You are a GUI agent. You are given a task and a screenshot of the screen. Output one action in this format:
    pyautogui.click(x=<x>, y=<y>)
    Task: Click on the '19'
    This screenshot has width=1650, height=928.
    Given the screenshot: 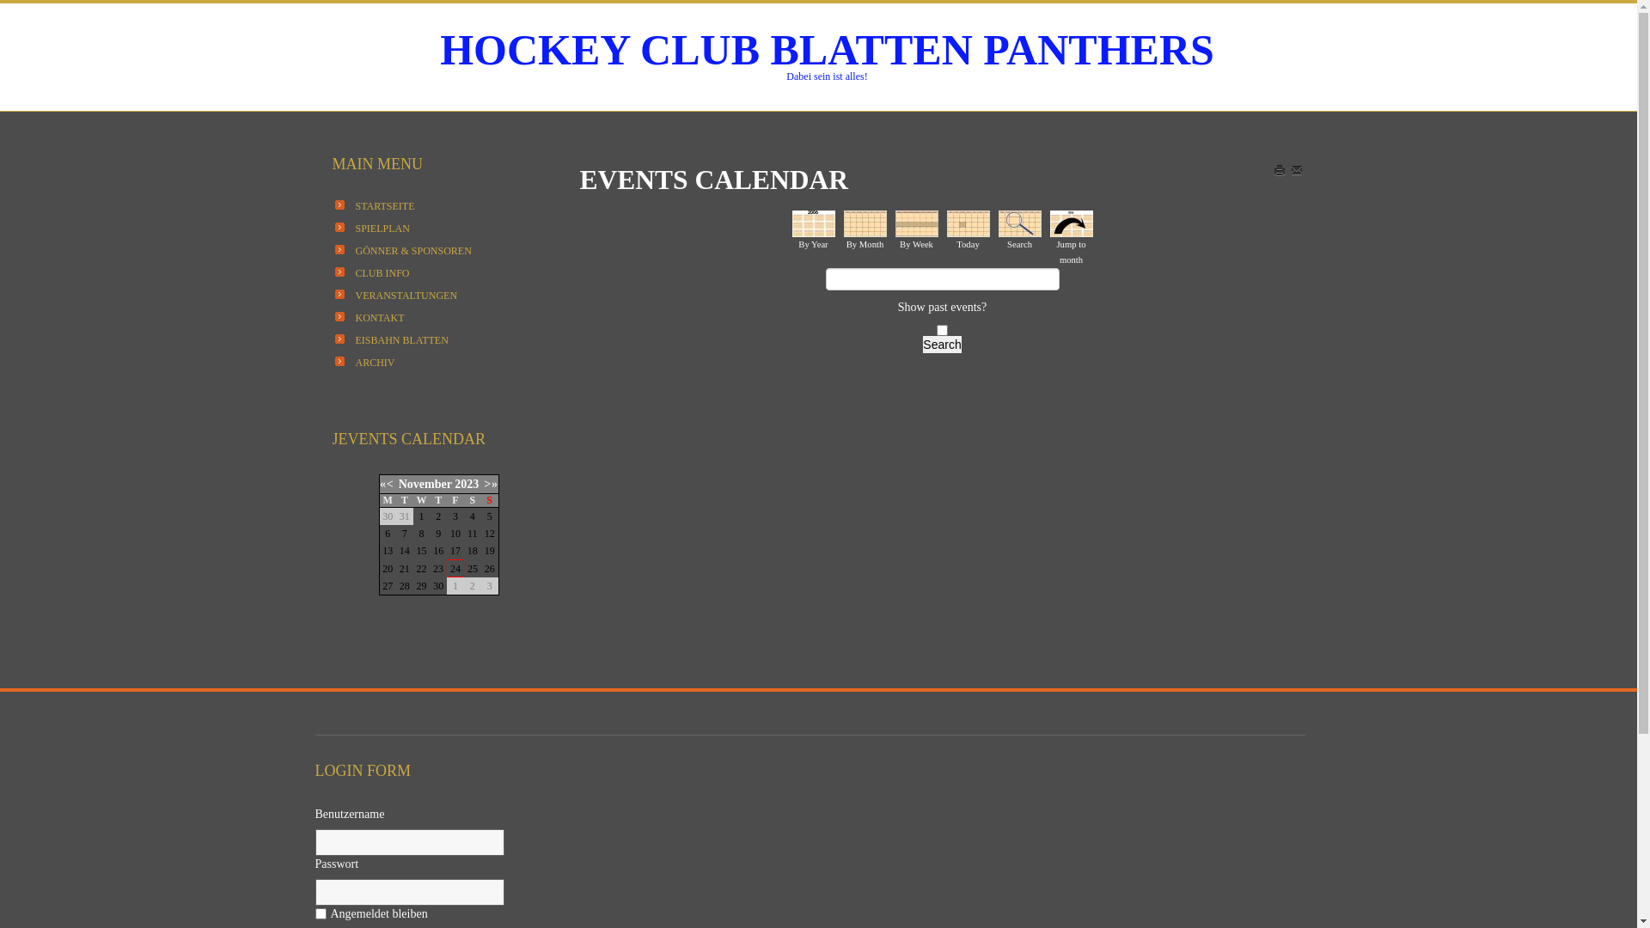 What is the action you would take?
    pyautogui.click(x=489, y=550)
    